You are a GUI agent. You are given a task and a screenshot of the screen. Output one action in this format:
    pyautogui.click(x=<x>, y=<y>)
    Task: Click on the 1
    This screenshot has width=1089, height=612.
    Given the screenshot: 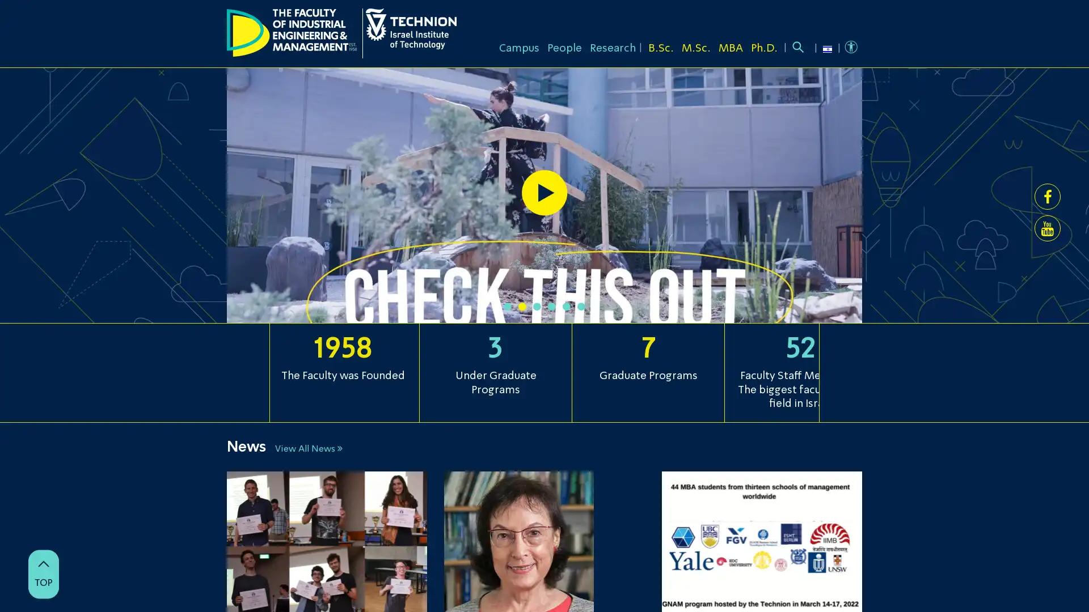 What is the action you would take?
    pyautogui.click(x=506, y=306)
    